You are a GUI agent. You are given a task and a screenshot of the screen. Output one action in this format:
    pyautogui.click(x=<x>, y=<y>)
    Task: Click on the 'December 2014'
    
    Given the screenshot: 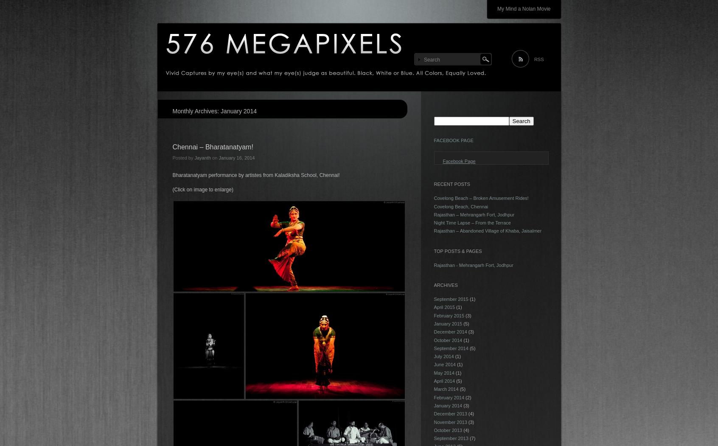 What is the action you would take?
    pyautogui.click(x=450, y=331)
    